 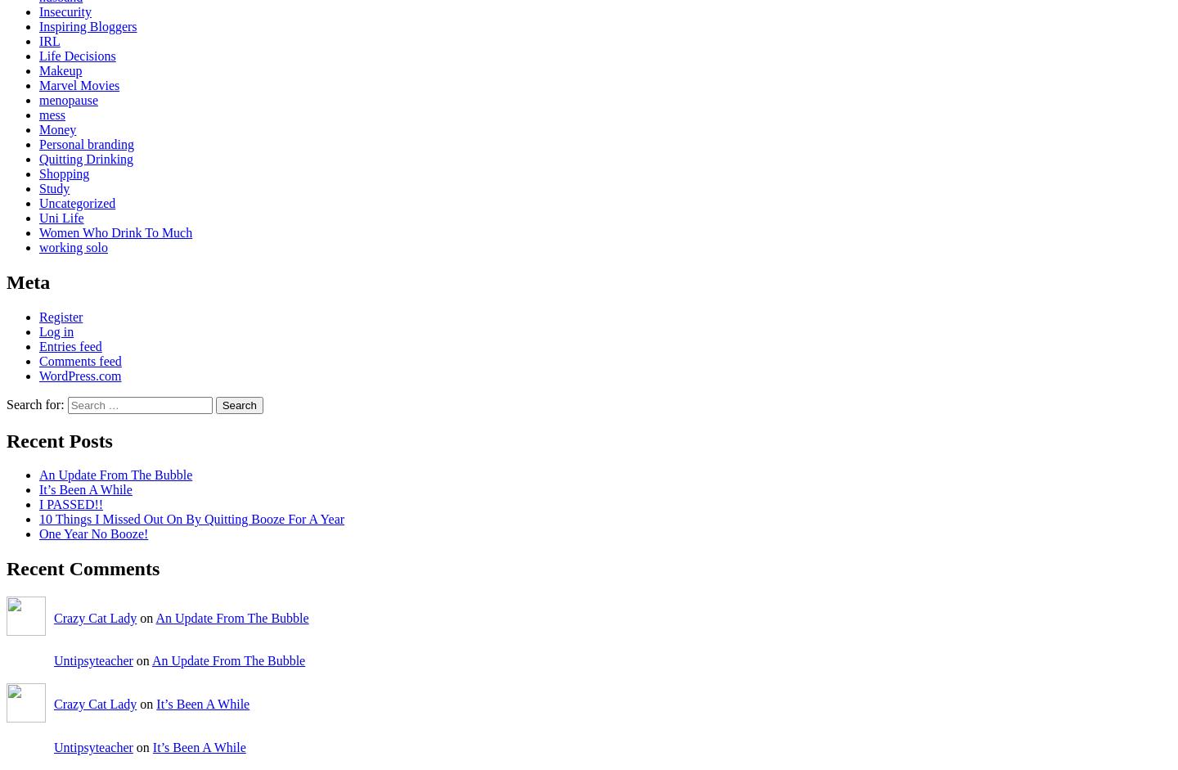 What do you see at coordinates (77, 54) in the screenshot?
I see `'Life Decisions'` at bounding box center [77, 54].